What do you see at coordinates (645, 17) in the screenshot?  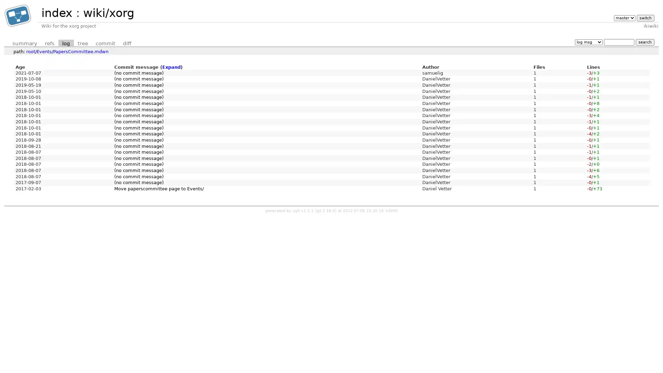 I see `switch` at bounding box center [645, 17].